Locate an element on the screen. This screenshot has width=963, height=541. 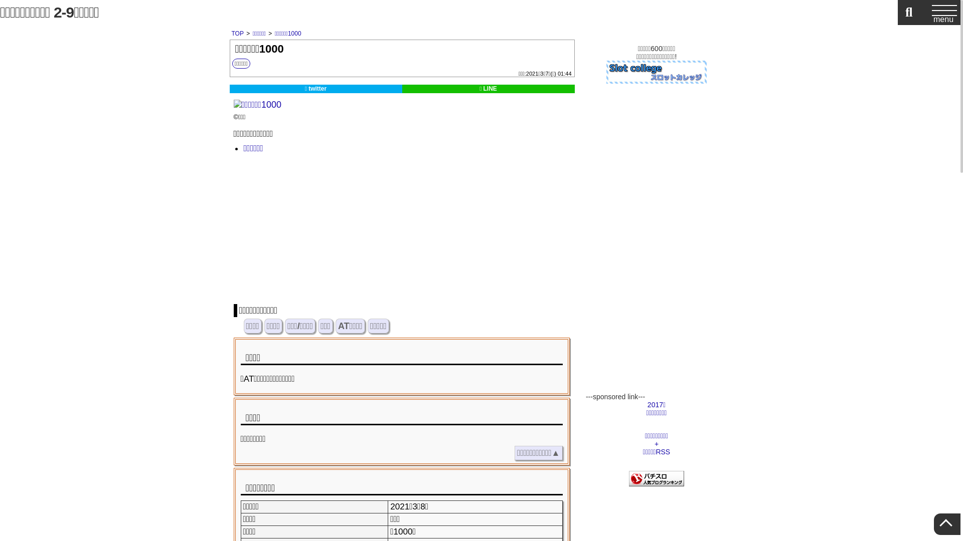
'LINE' is located at coordinates (489, 88).